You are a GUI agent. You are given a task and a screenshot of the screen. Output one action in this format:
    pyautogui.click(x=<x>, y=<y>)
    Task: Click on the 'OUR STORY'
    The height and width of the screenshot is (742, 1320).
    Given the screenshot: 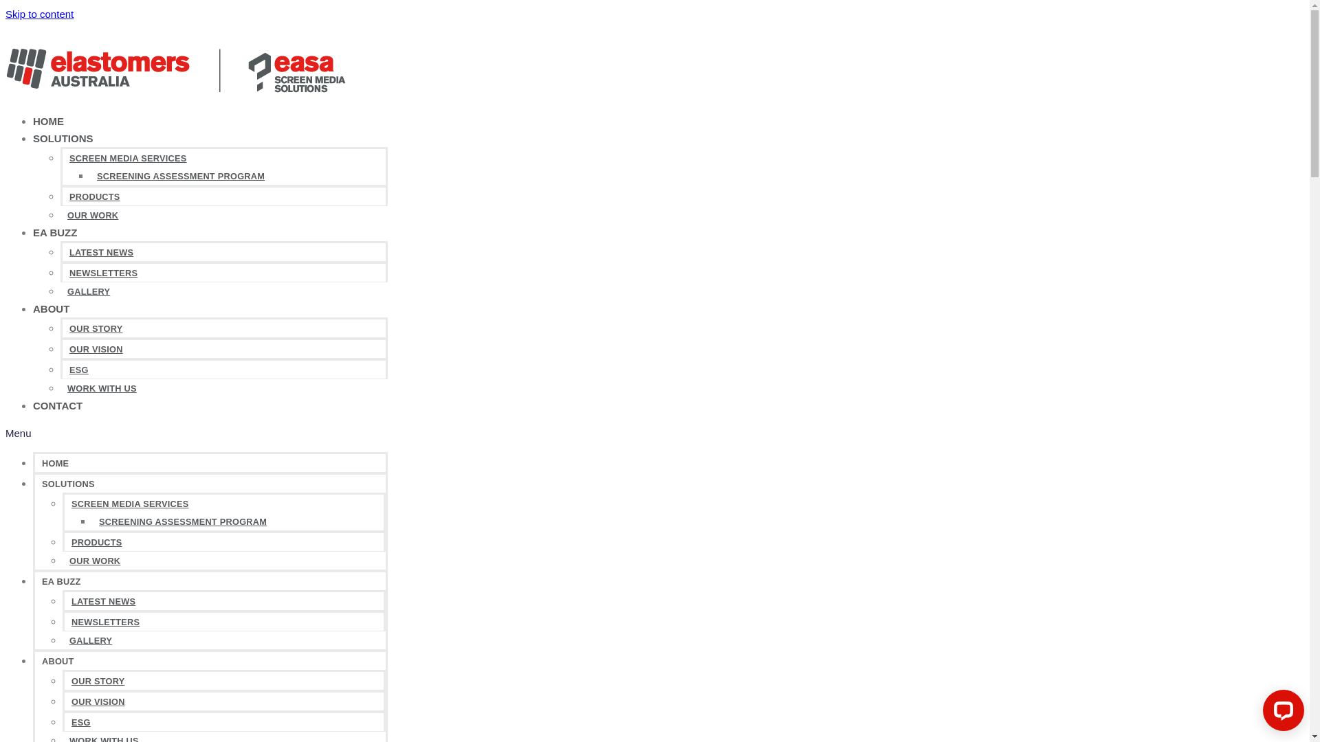 What is the action you would take?
    pyautogui.click(x=95, y=328)
    